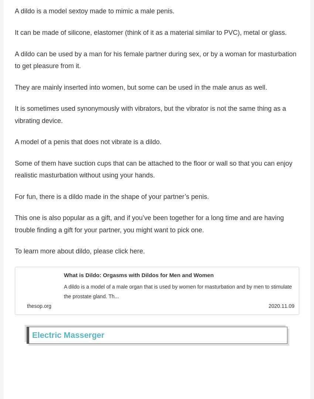 Image resolution: width=314 pixels, height=399 pixels. What do you see at coordinates (151, 34) in the screenshot?
I see `'It can be made of silicone, elastomer (think of it as a material similar to PVC), metal or glass.'` at bounding box center [151, 34].